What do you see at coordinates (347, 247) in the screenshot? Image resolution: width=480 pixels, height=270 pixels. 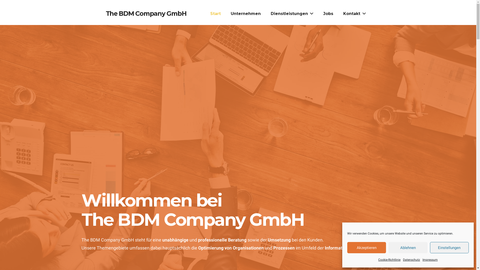 I see `'Akzeptieren'` at bounding box center [347, 247].